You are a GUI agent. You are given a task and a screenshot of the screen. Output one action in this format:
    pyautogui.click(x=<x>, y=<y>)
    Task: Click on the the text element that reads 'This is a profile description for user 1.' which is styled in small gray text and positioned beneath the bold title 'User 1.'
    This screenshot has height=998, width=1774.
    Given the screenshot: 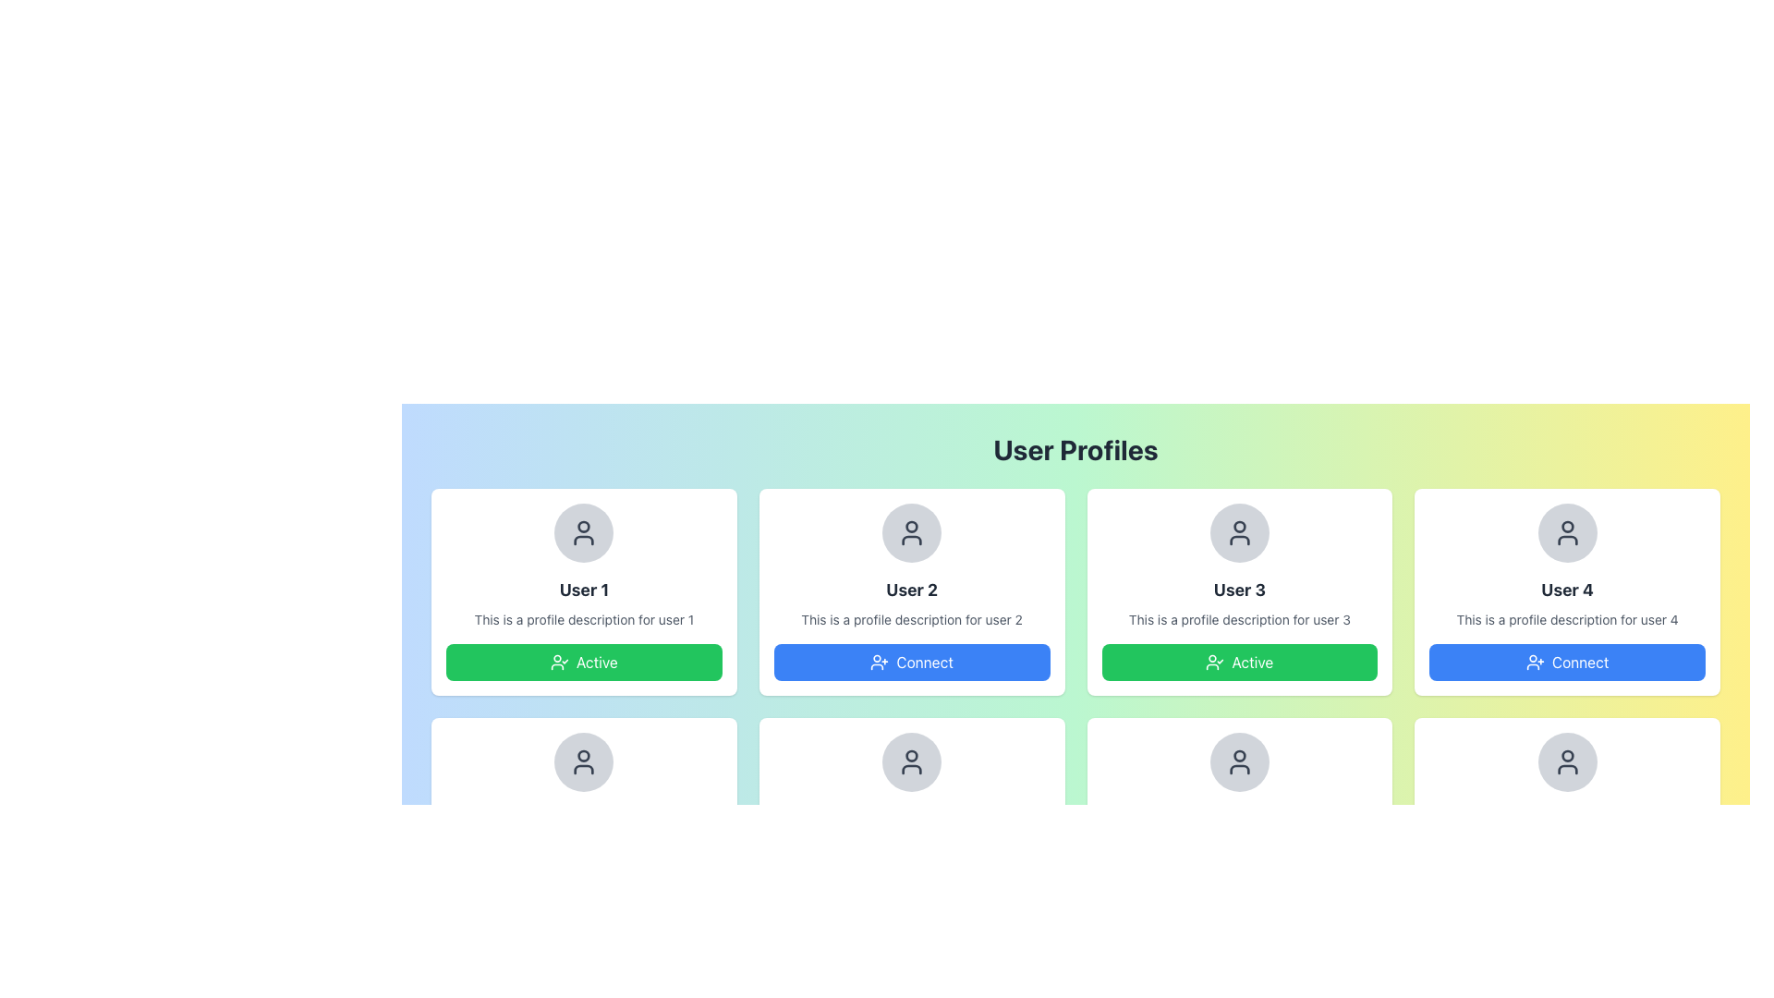 What is the action you would take?
    pyautogui.click(x=583, y=620)
    